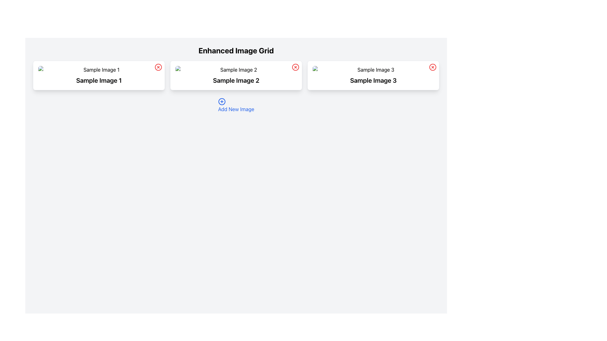  I want to click on the delete or close button located in the top-right corner of the card labeled 'Sample Image 3', so click(432, 67).